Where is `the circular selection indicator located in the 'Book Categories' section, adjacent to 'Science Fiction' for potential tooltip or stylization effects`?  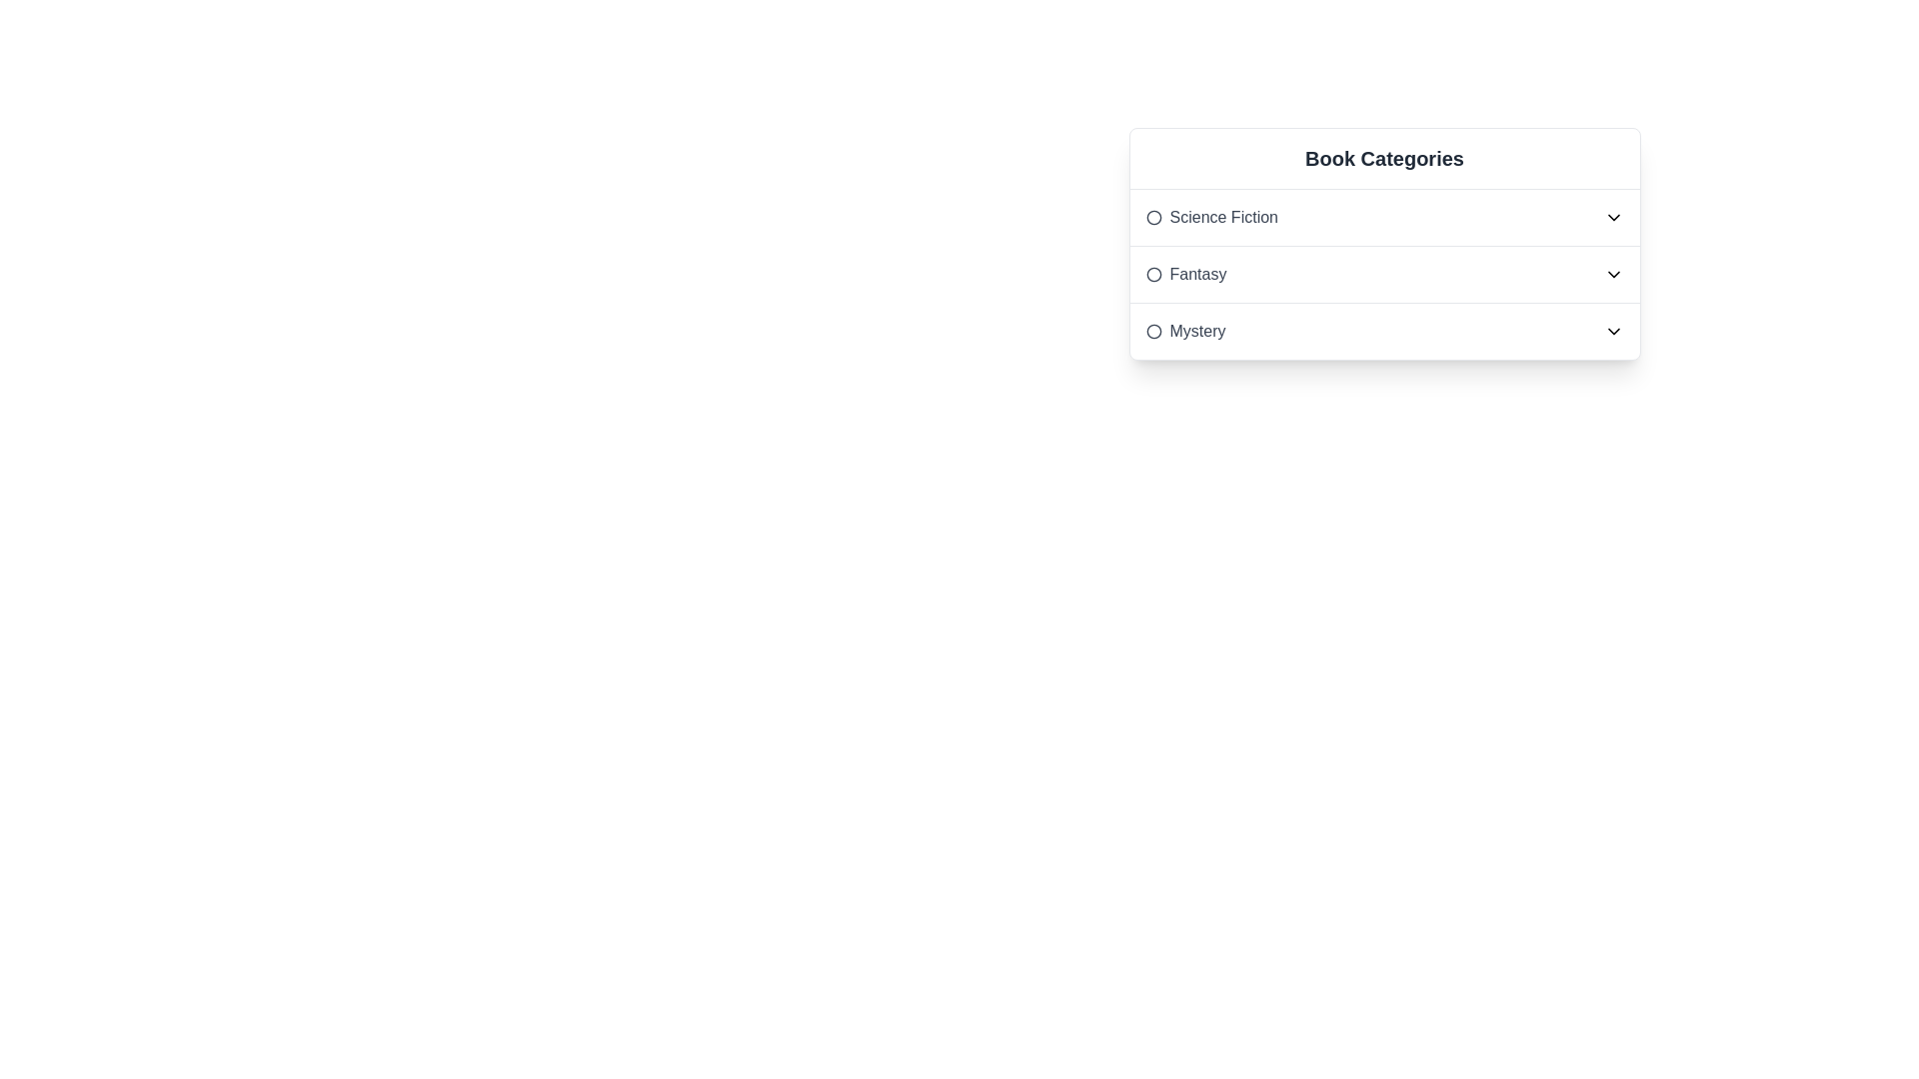 the circular selection indicator located in the 'Book Categories' section, adjacent to 'Science Fiction' for potential tooltip or stylization effects is located at coordinates (1153, 218).